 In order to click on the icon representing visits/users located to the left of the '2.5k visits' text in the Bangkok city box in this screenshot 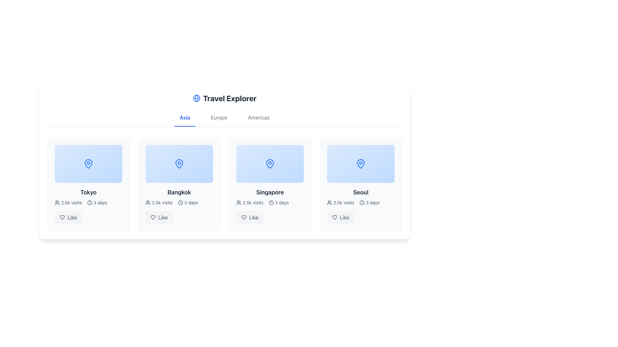, I will do `click(148, 203)`.